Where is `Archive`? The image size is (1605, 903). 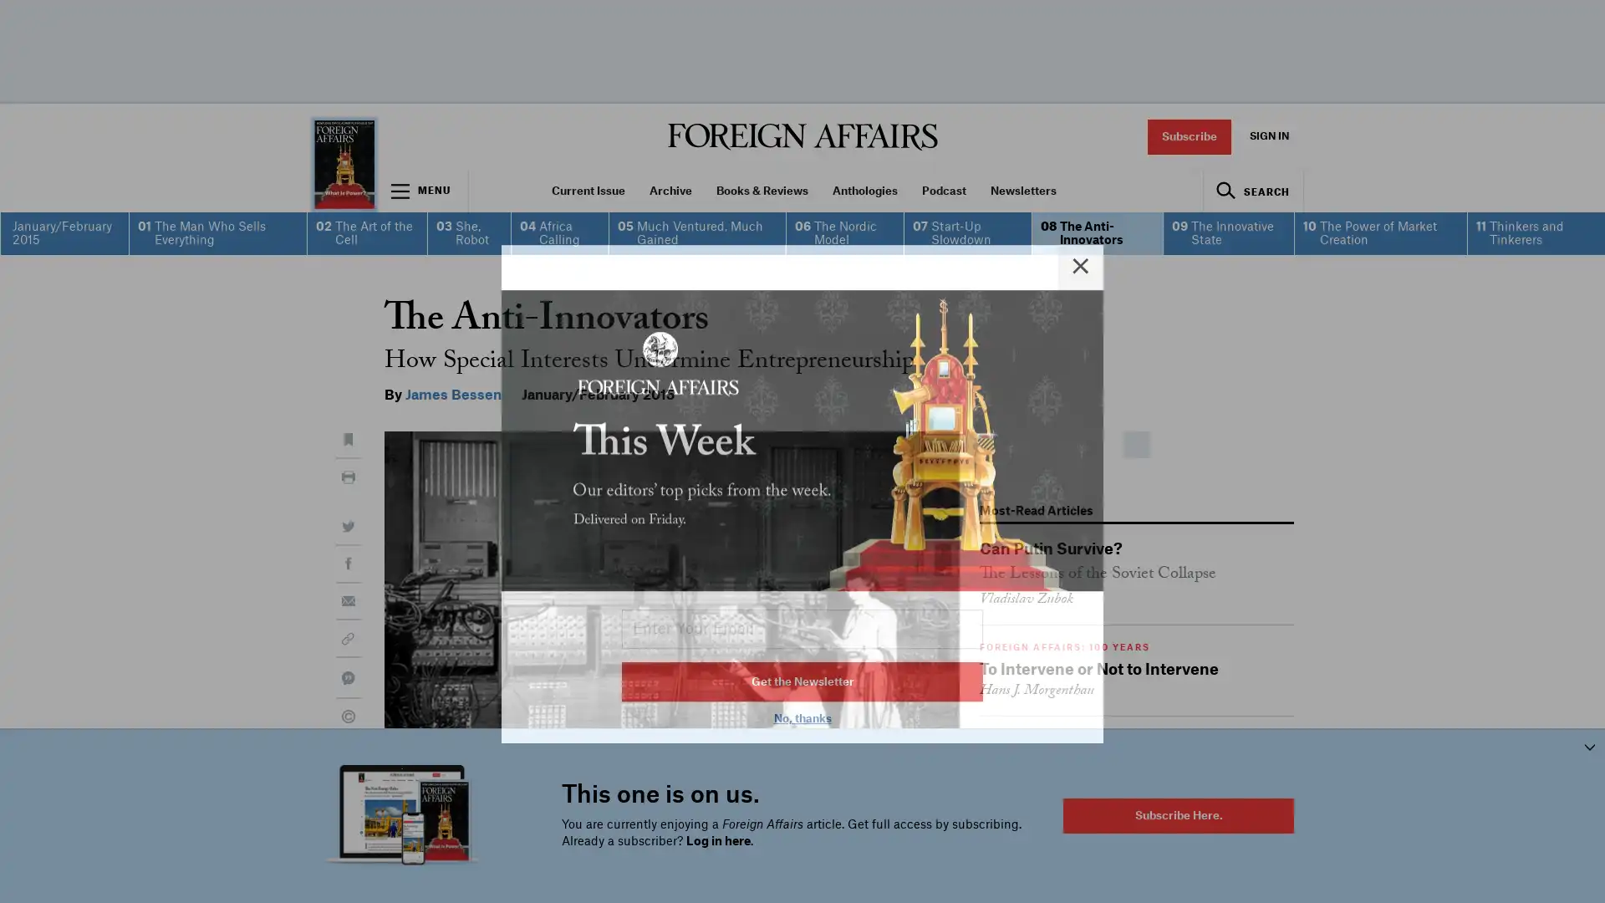 Archive is located at coordinates (670, 190).